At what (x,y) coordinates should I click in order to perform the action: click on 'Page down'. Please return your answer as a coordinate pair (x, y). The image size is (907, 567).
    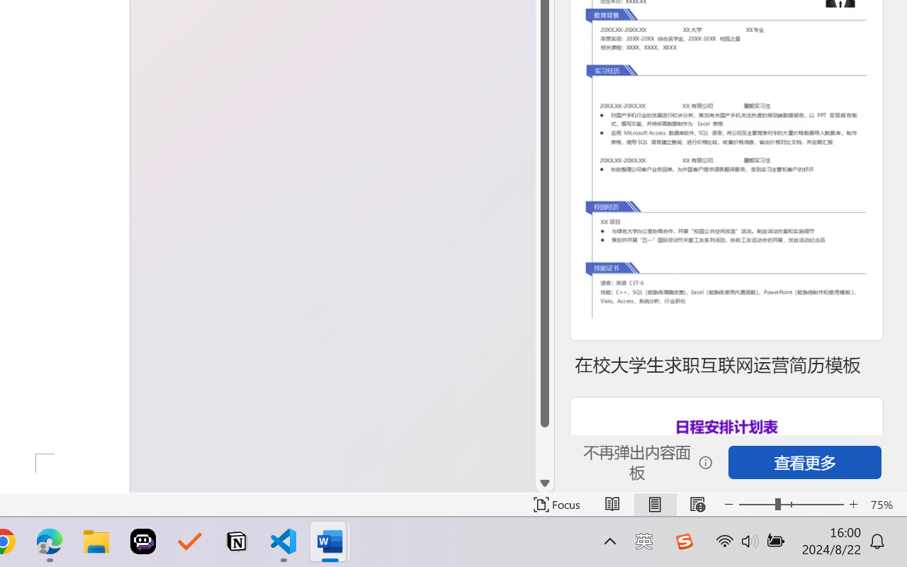
    Looking at the image, I should click on (544, 450).